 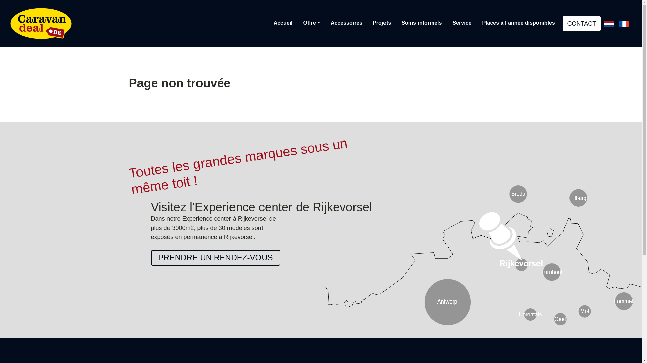 I want to click on 'Accueil', so click(x=283, y=23).